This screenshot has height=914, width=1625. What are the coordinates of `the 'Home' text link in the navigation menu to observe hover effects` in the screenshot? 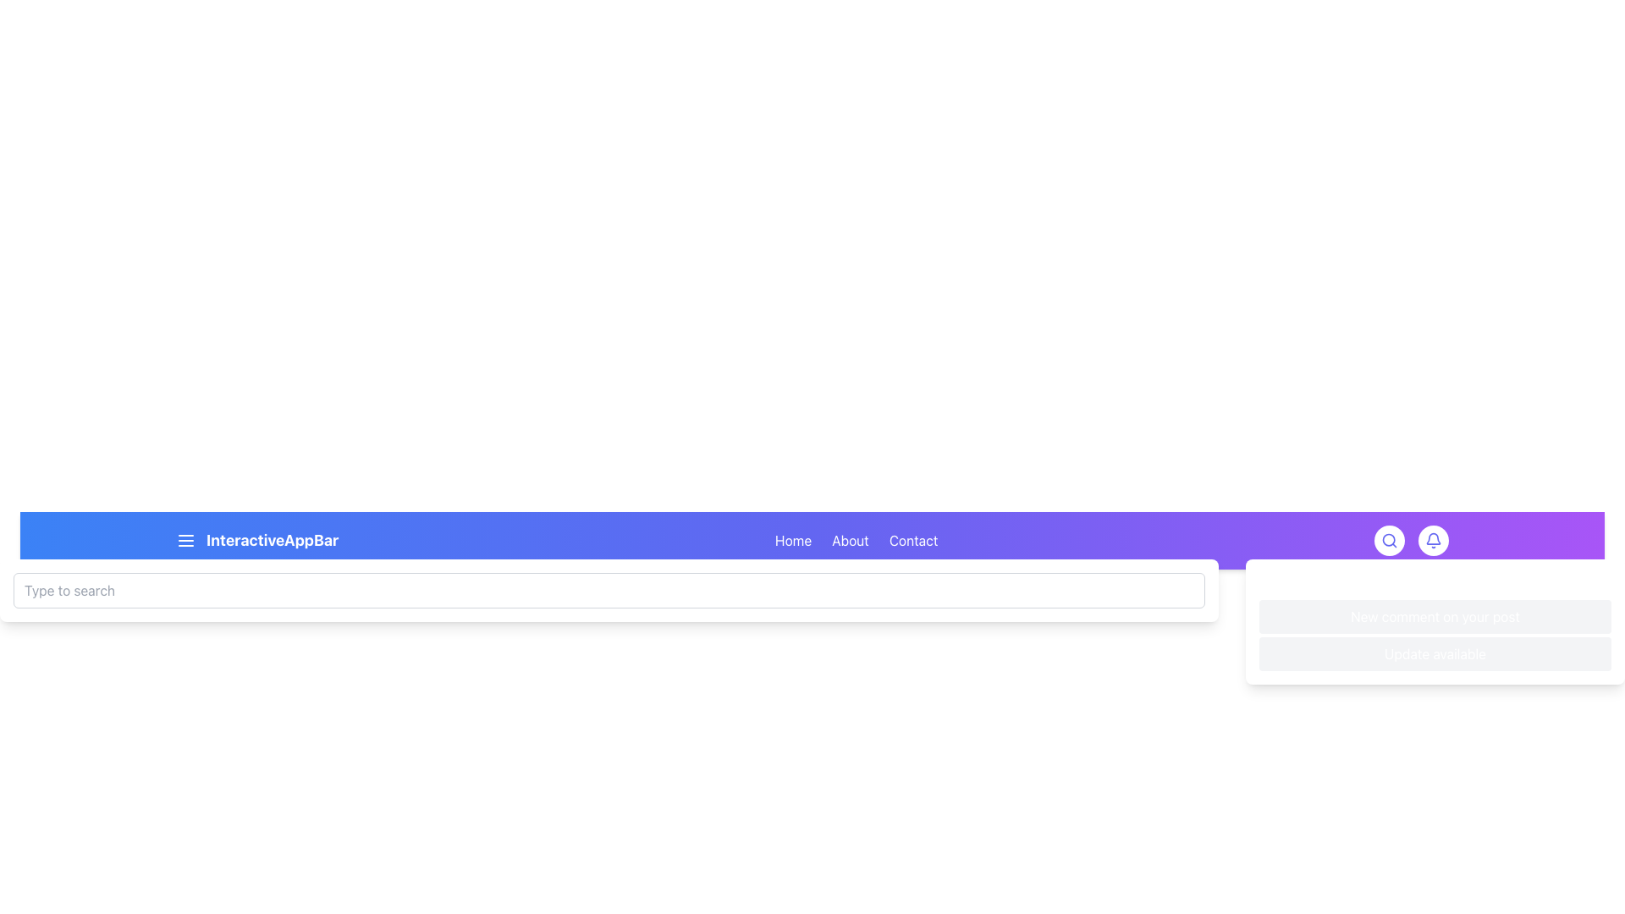 It's located at (792, 541).